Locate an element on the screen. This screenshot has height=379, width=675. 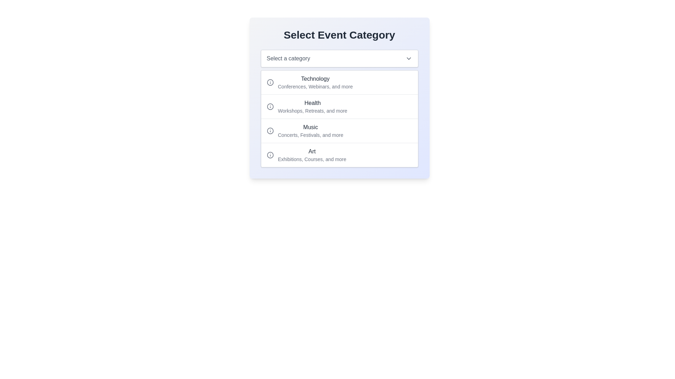
the text label 'Art' within the vertical list titled 'Select Event Category' is located at coordinates (311, 155).